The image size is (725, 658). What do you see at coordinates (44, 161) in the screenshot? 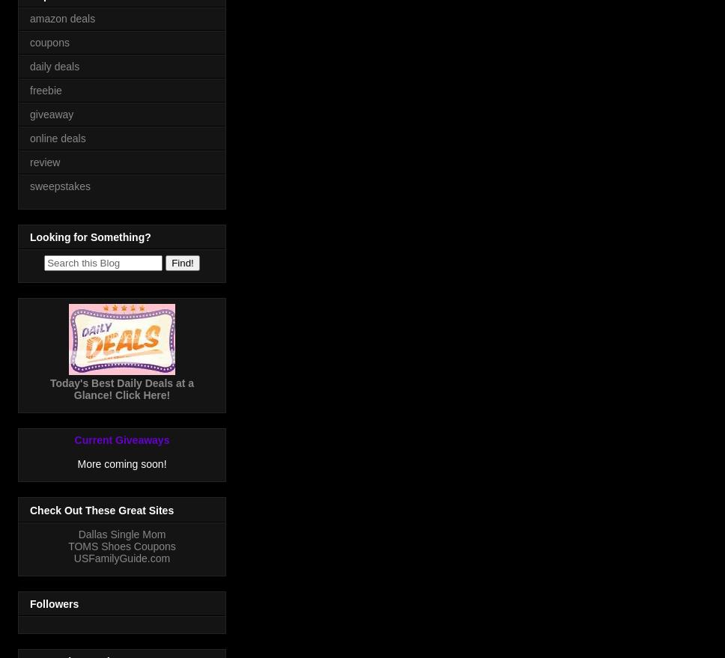
I see `'review'` at bounding box center [44, 161].